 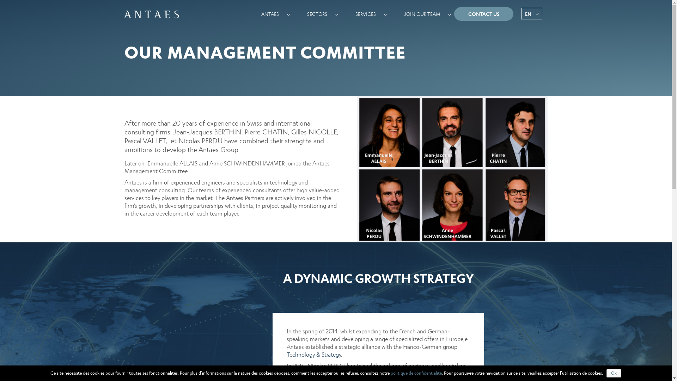 What do you see at coordinates (483, 14) in the screenshot?
I see `'CONTACT US'` at bounding box center [483, 14].